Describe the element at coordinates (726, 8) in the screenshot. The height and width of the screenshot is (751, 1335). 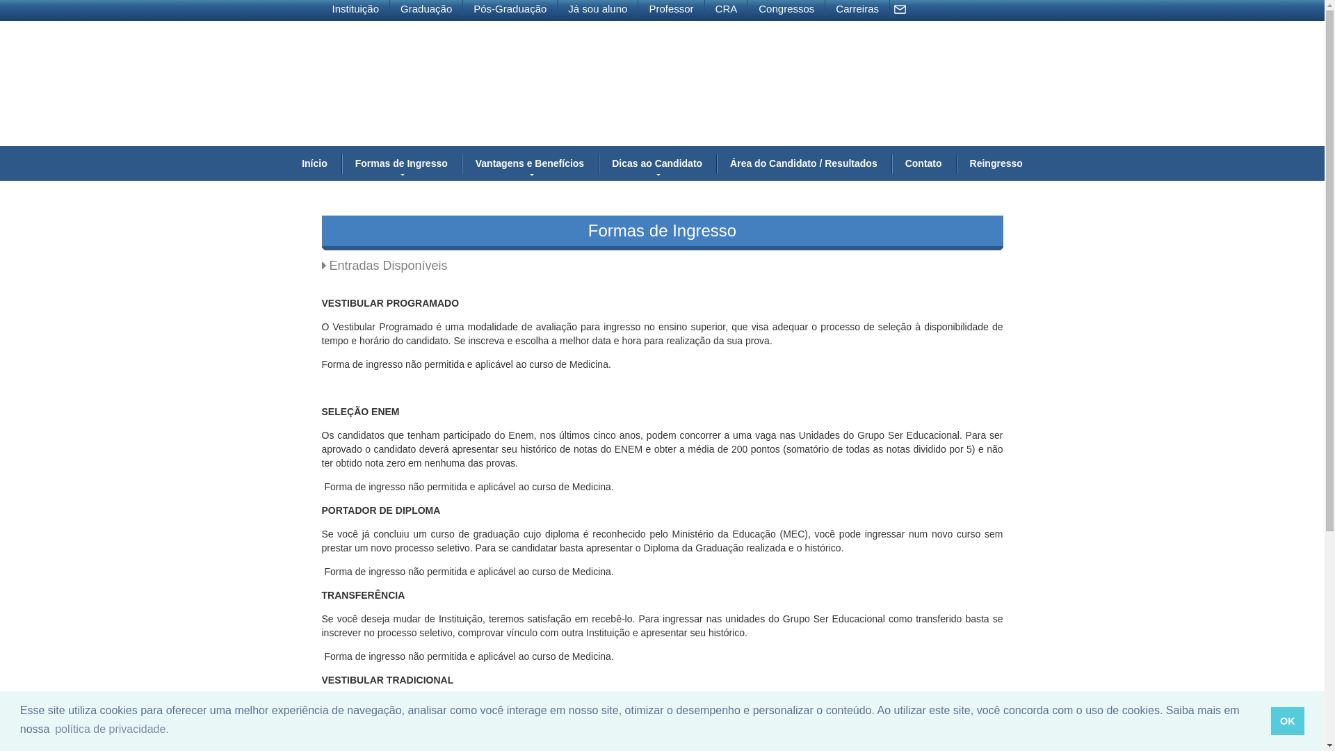
I see `'CRA'` at that location.